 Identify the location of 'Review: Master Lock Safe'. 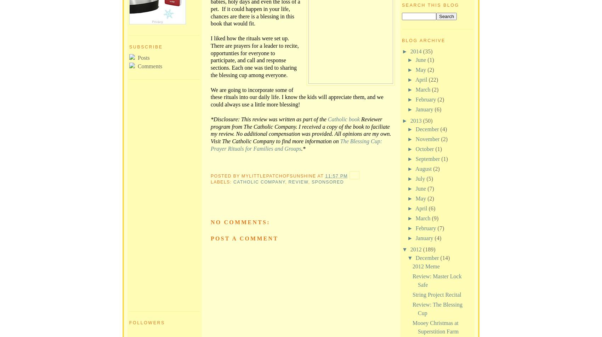
(437, 280).